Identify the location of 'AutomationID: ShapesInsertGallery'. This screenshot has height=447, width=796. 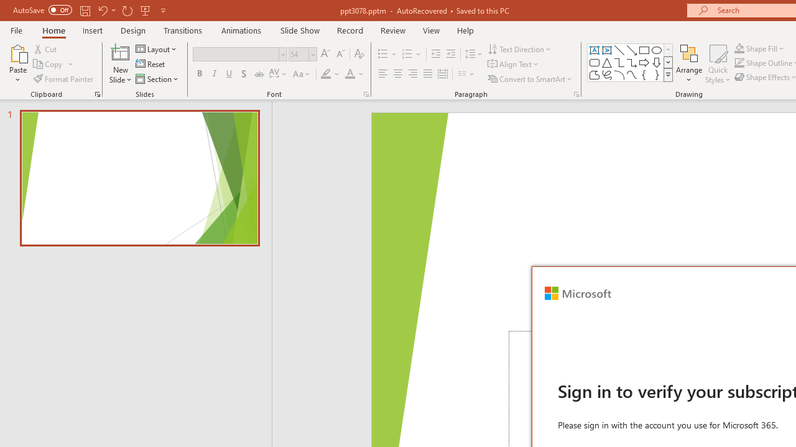
(631, 62).